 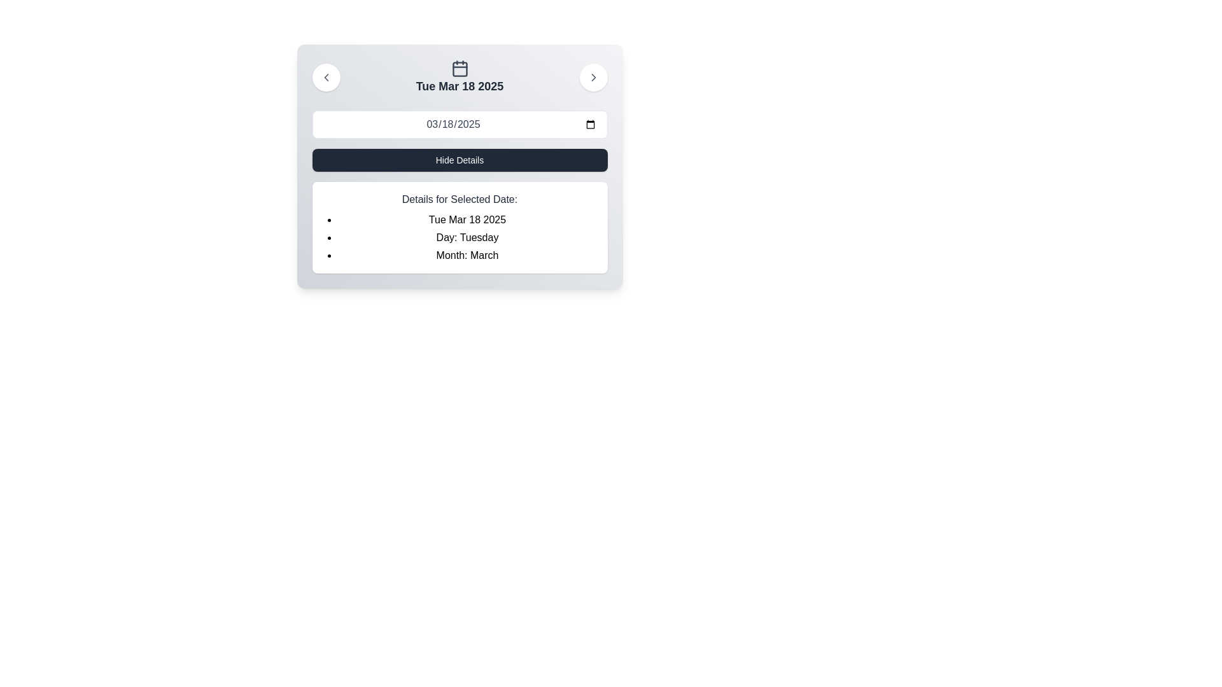 What do you see at coordinates (467, 238) in the screenshot?
I see `text content displayed in the bulleted list containing 'Tue Mar 18 2025,' 'Day: Tuesday,' and 'Month: March,' which is located under the 'Details for Selected Date:' section` at bounding box center [467, 238].